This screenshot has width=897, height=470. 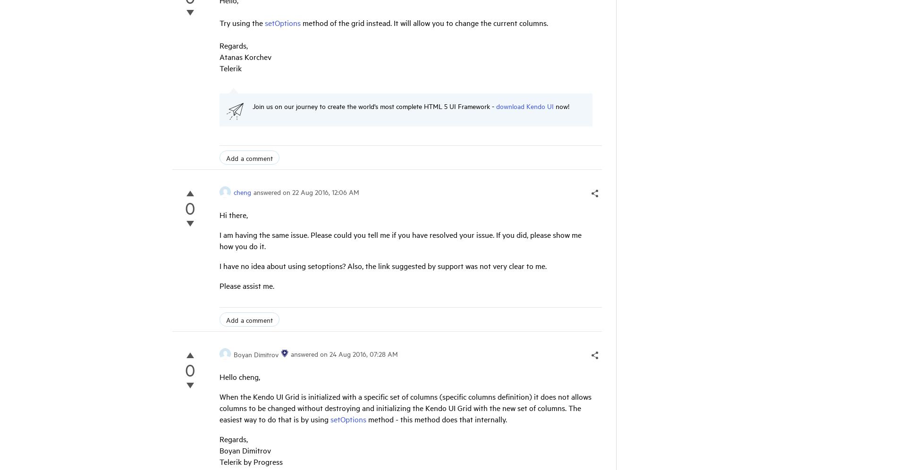 What do you see at coordinates (242, 22) in the screenshot?
I see `'Try using the'` at bounding box center [242, 22].